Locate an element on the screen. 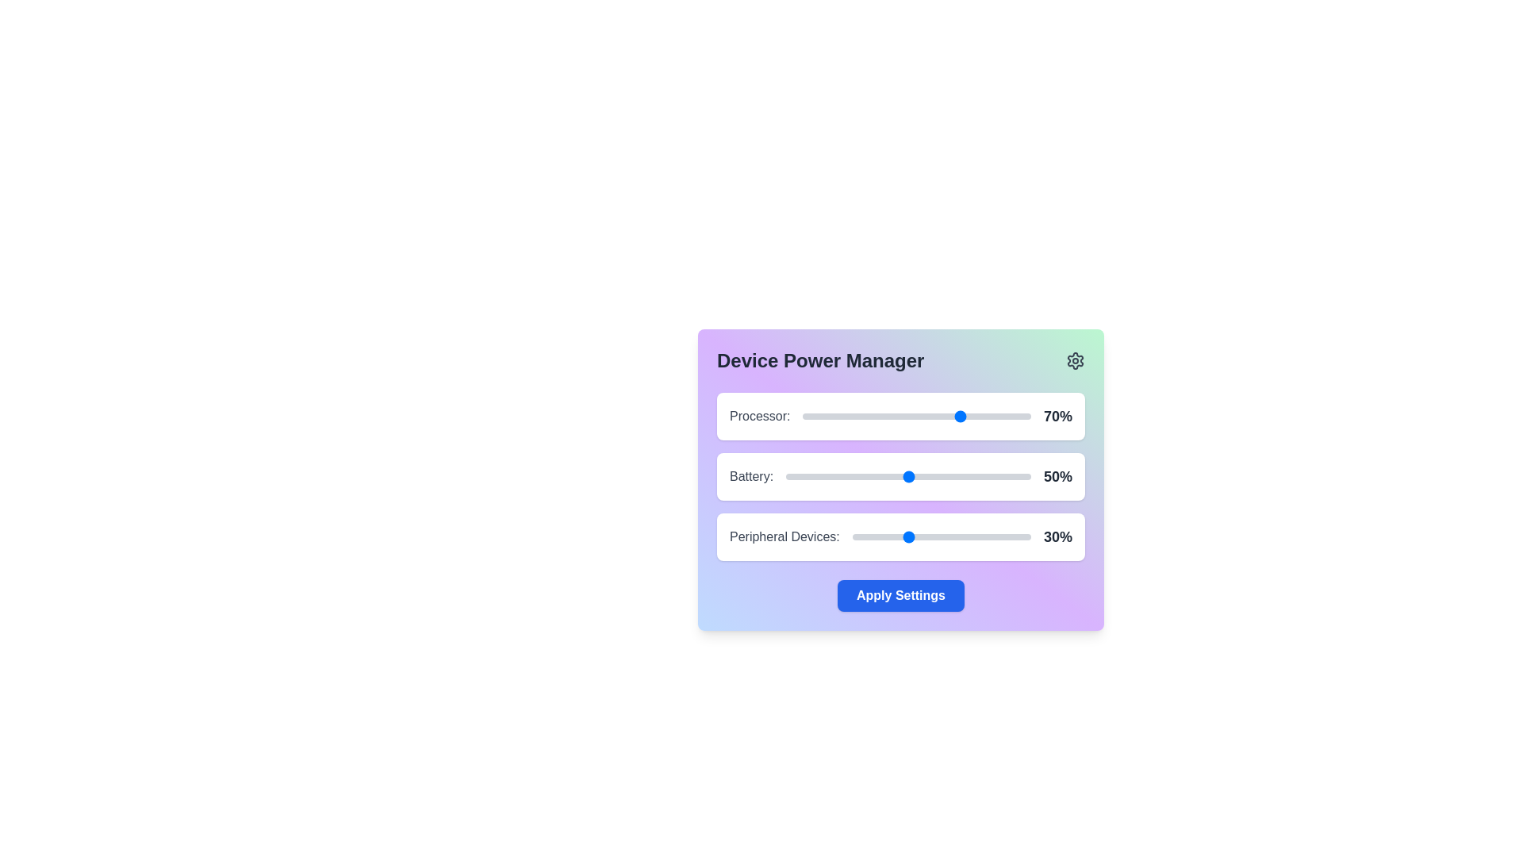 This screenshot has width=1523, height=857. the 'Battery' slider to set its value to 42% is located at coordinates (888, 476).